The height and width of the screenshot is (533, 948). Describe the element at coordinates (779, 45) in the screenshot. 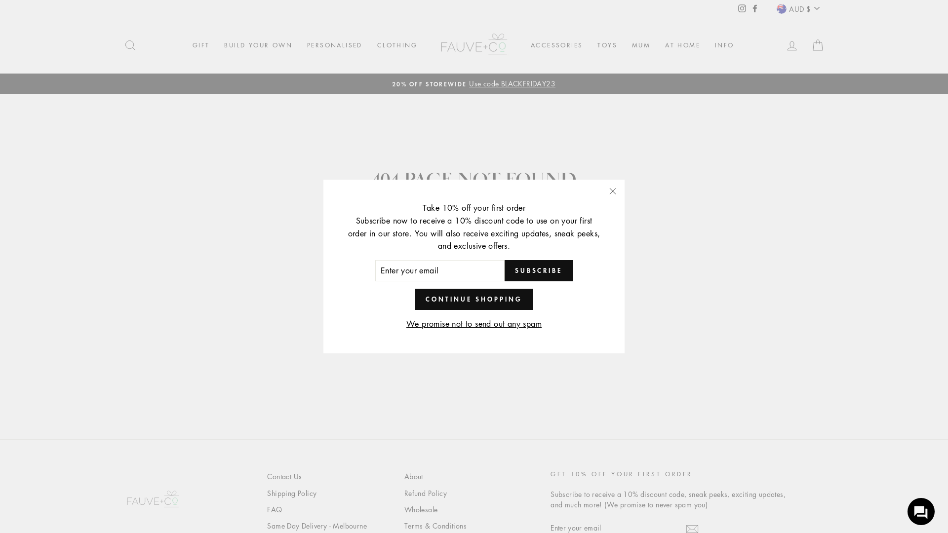

I see `'LOG IN'` at that location.